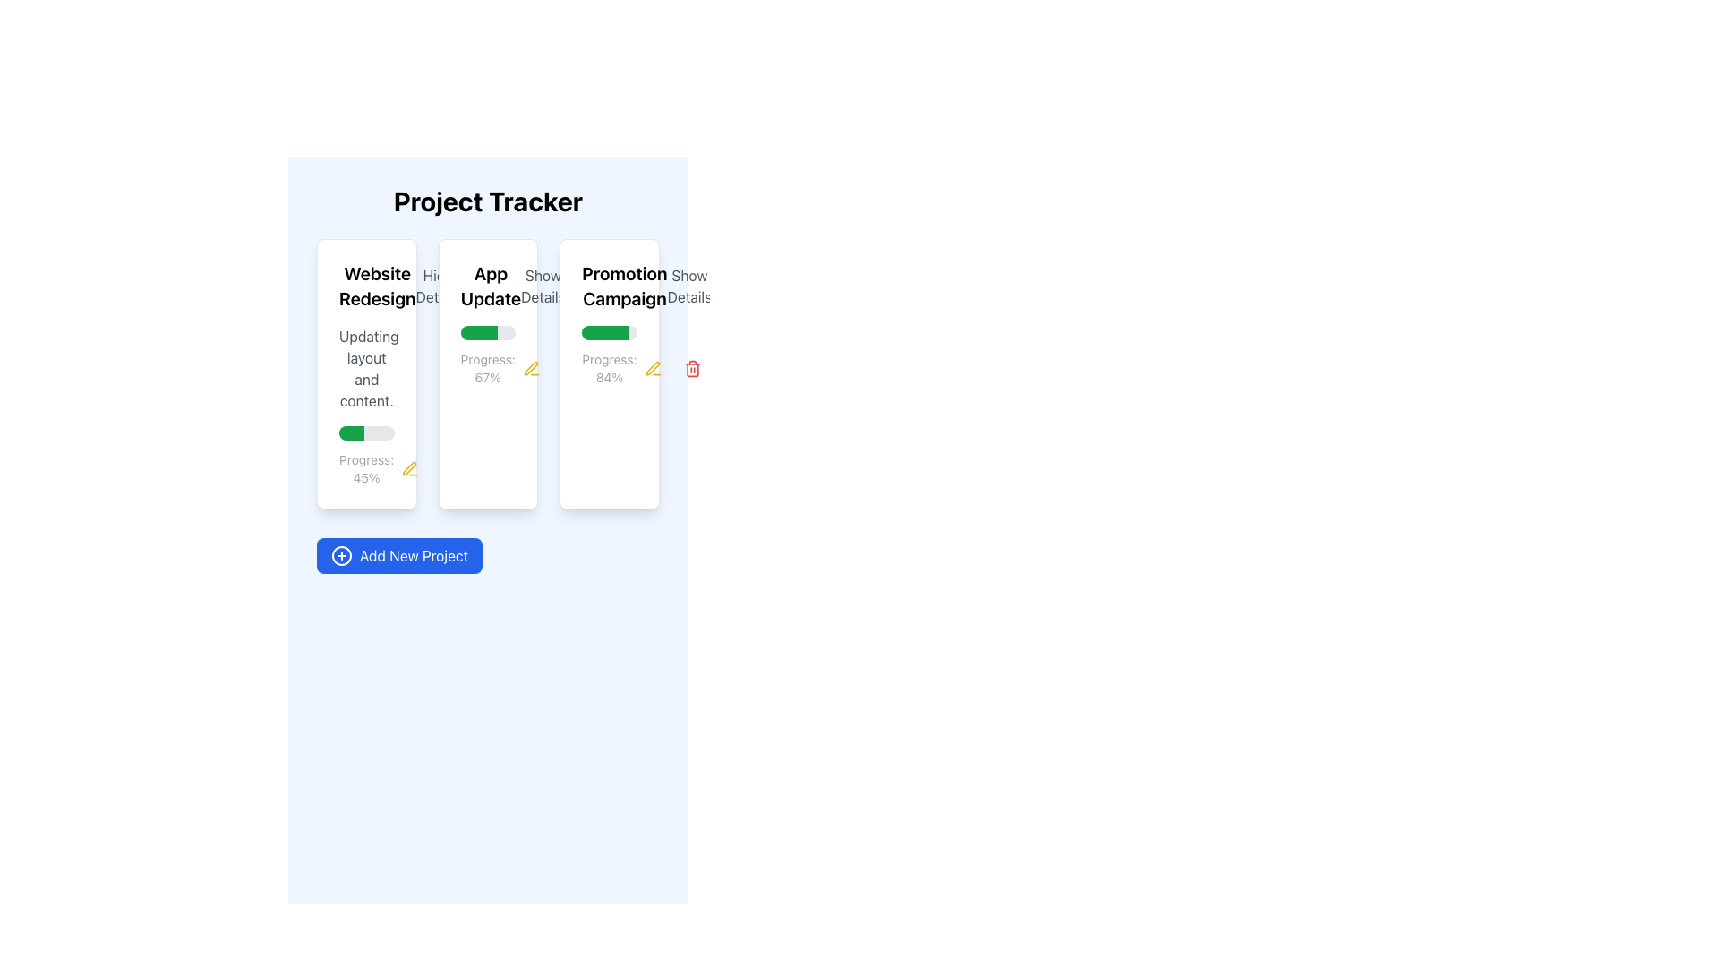 The image size is (1719, 967). What do you see at coordinates (610, 368) in the screenshot?
I see `the text label displaying 'Progress: 84%' located below the progress bar in the 'Promotion Campaign' card` at bounding box center [610, 368].